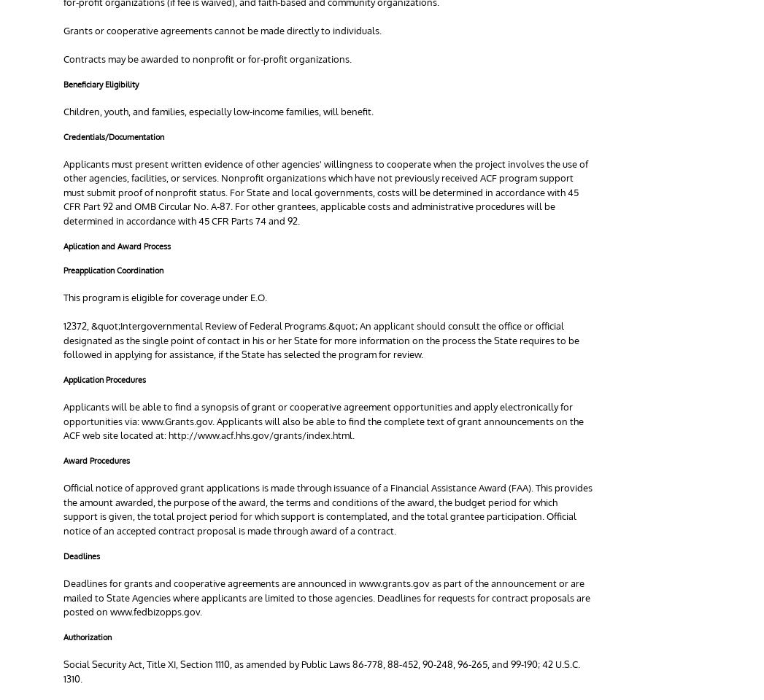 This screenshot has width=764, height=700. What do you see at coordinates (96, 459) in the screenshot?
I see `'Award Procedures'` at bounding box center [96, 459].